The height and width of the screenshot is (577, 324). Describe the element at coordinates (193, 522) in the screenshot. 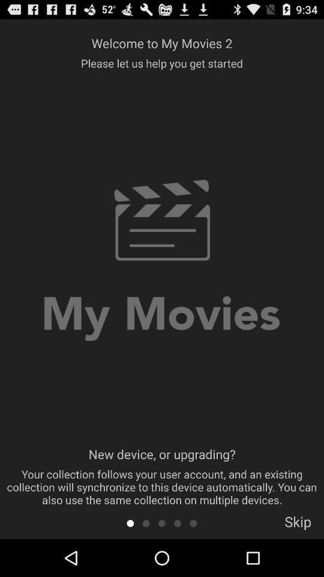

I see `scroll to last` at that location.